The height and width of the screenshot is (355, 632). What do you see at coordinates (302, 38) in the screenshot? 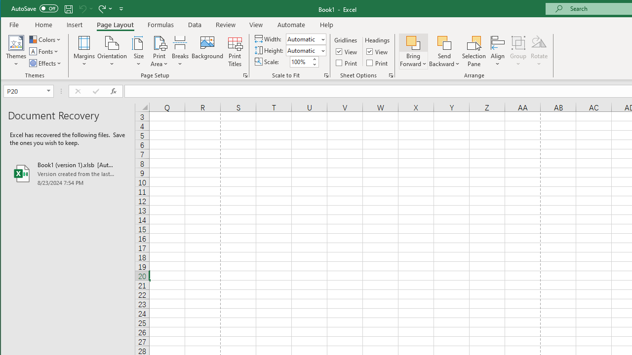
I see `'Width'` at bounding box center [302, 38].